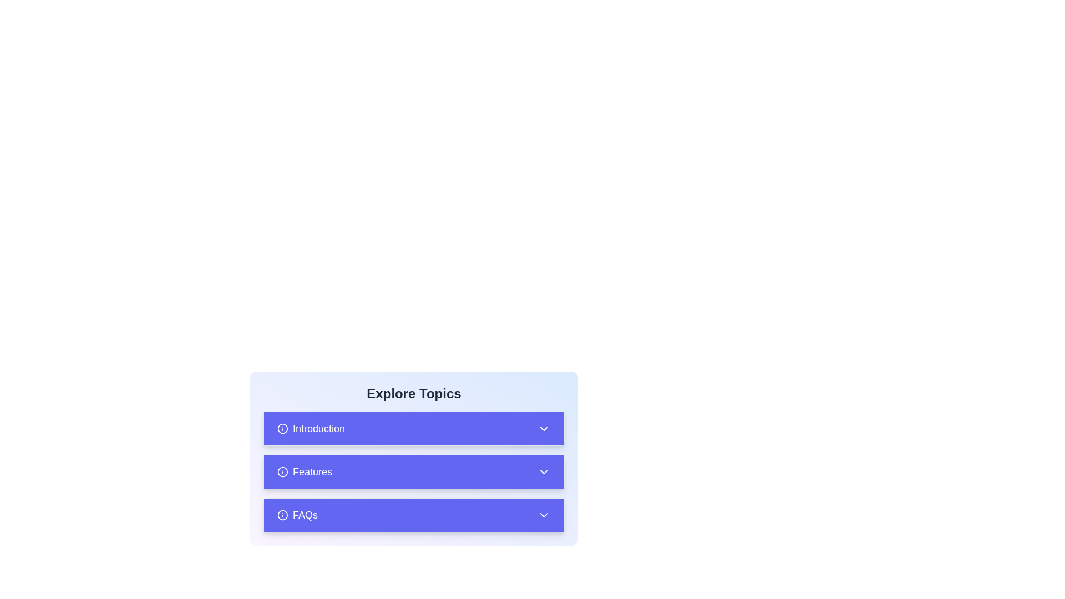  Describe the element at coordinates (282, 428) in the screenshot. I see `the SVG Circle icon within the button indicating the 'Introduction' section in the 'Explore Topics' area` at that location.